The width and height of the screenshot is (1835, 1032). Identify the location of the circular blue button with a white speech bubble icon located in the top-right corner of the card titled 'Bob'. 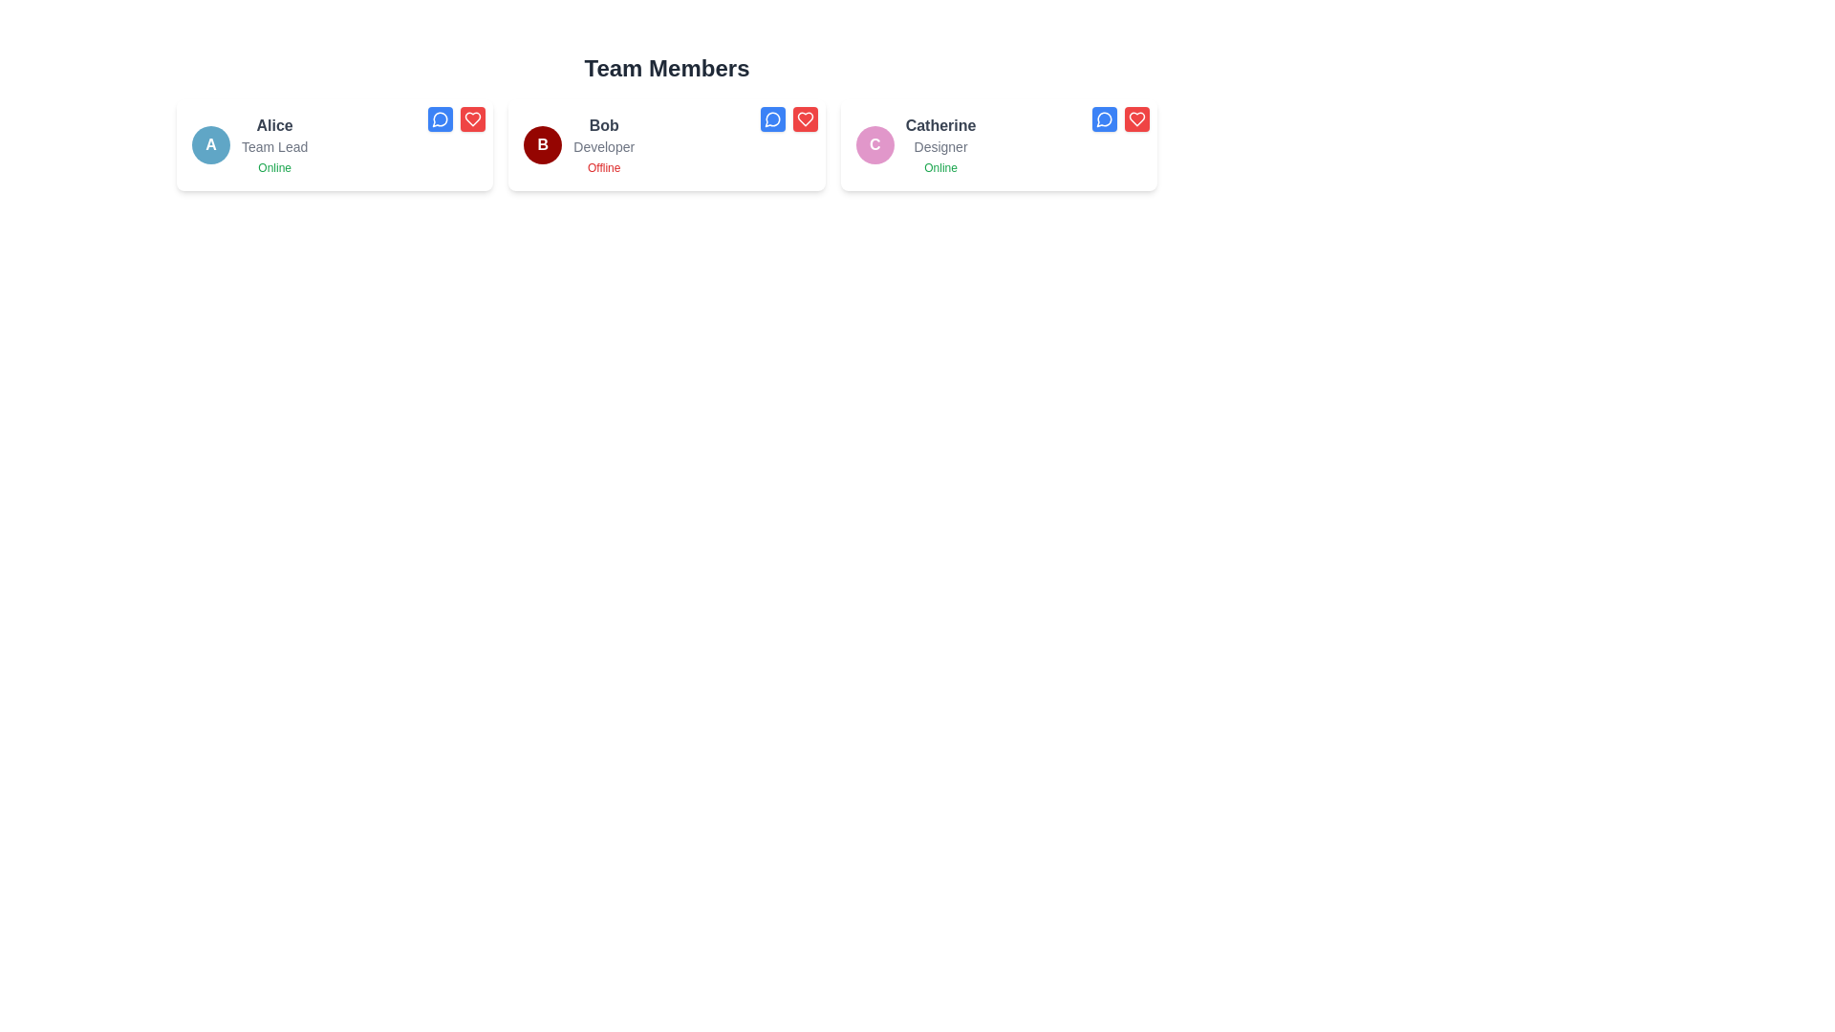
(772, 118).